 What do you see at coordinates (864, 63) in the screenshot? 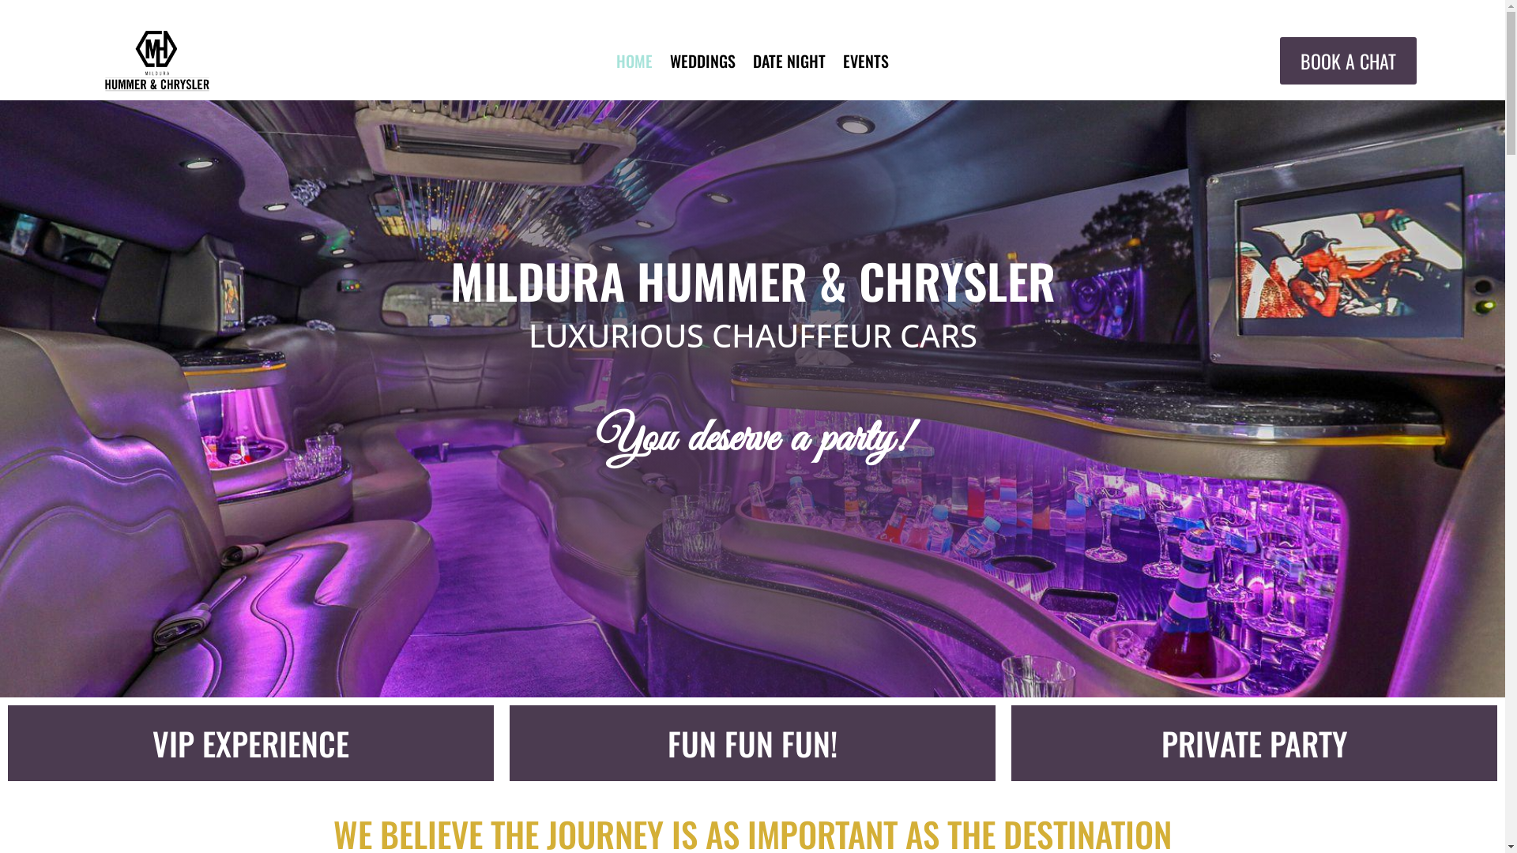
I see `'EVENTS'` at bounding box center [864, 63].